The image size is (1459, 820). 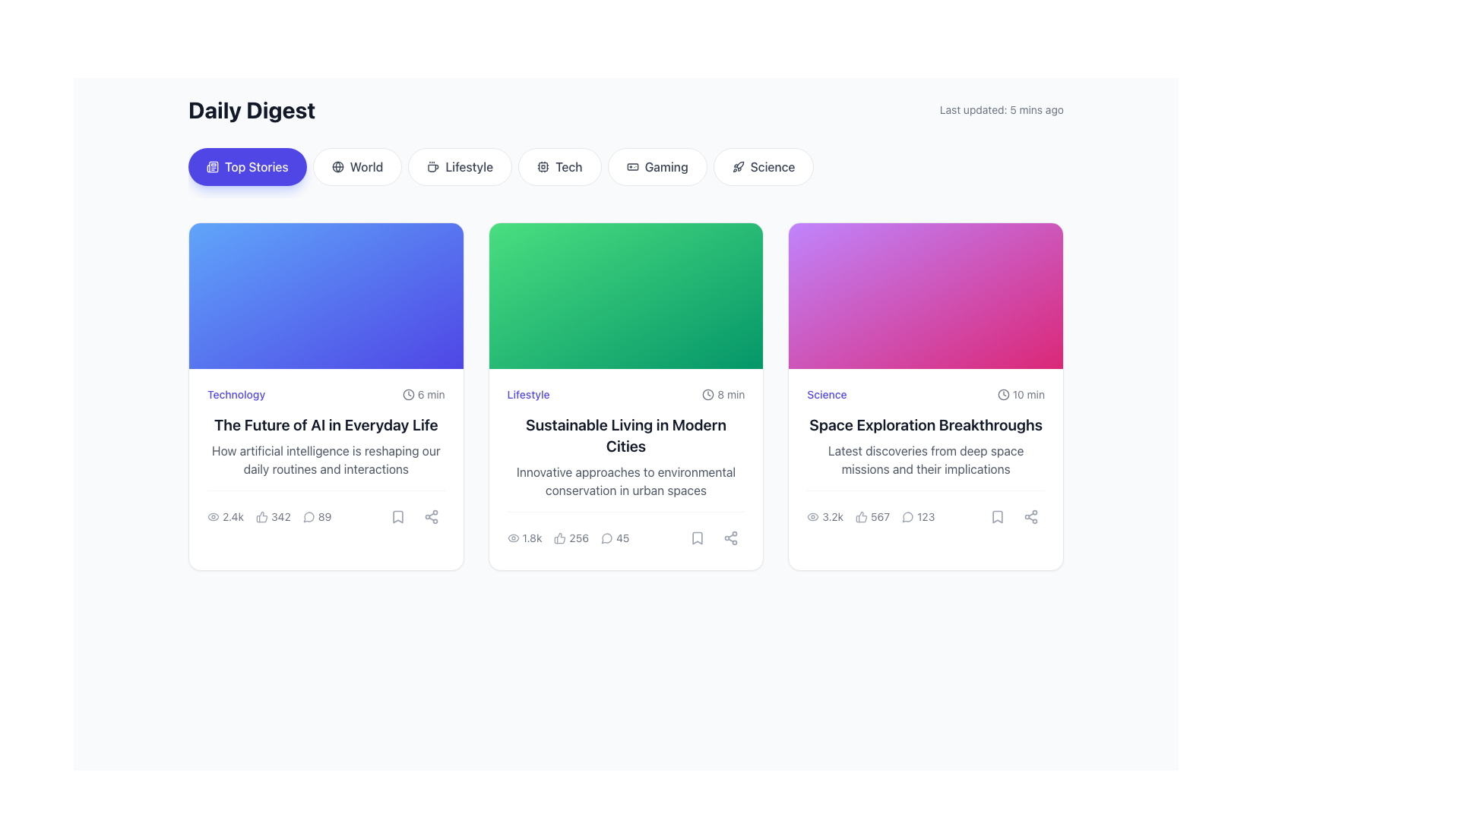 I want to click on the text and icon pair displaying the numerical value '256' with a thumbs-up icon, located in the second column below the card titled 'Sustainable Living in Modern Cities.', so click(x=571, y=538).